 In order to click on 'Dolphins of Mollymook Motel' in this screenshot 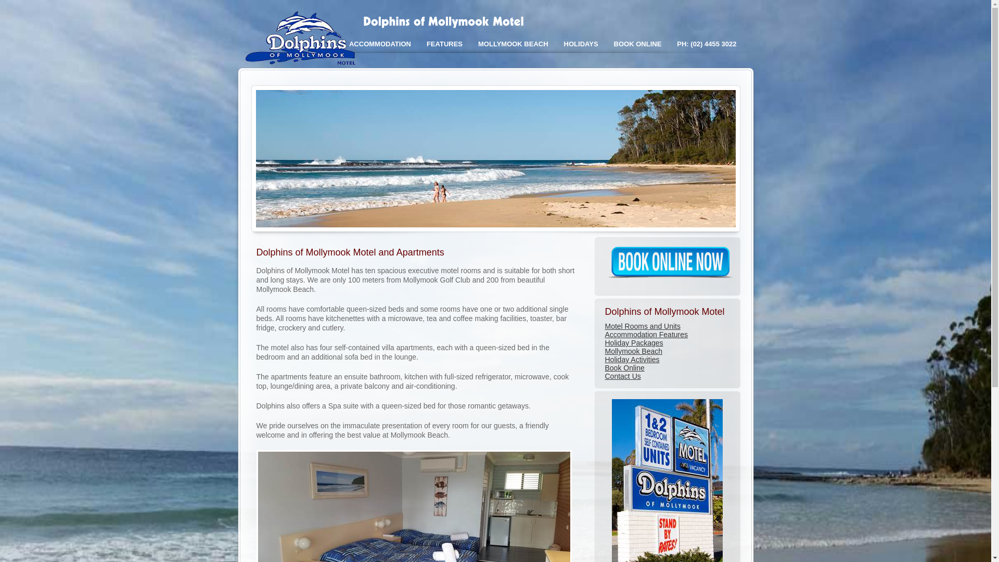, I will do `click(302, 64)`.